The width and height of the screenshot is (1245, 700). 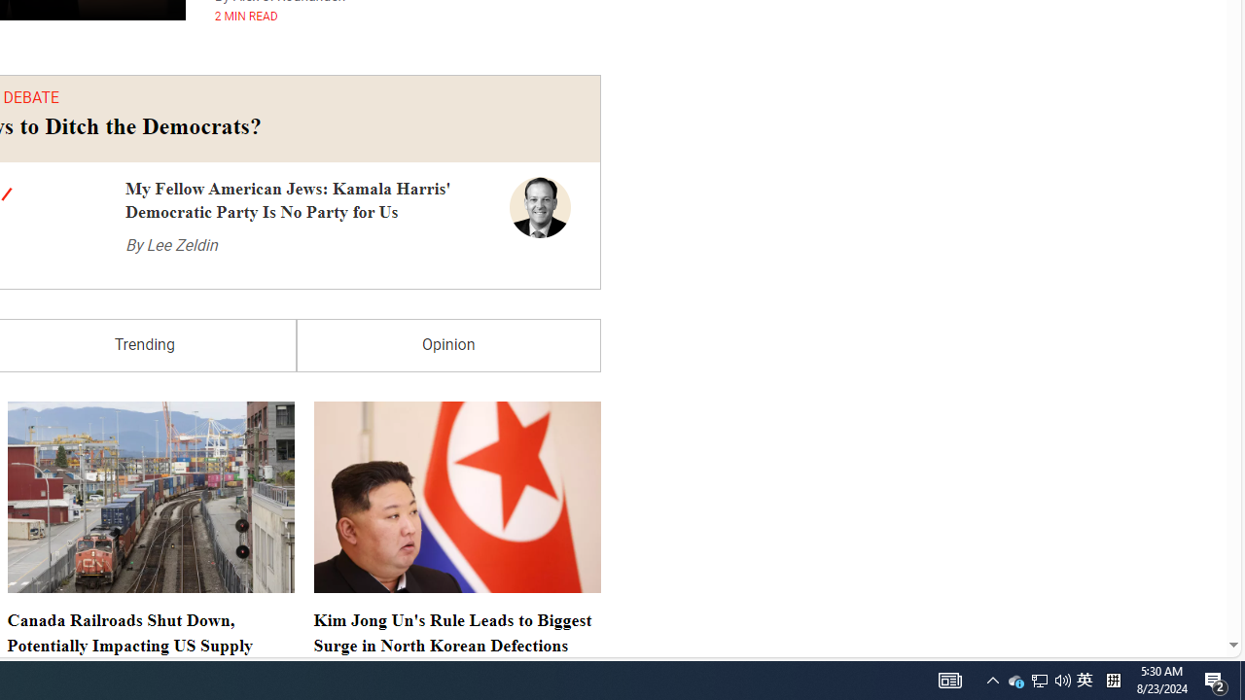 I want to click on 'Opinion', so click(x=447, y=344).